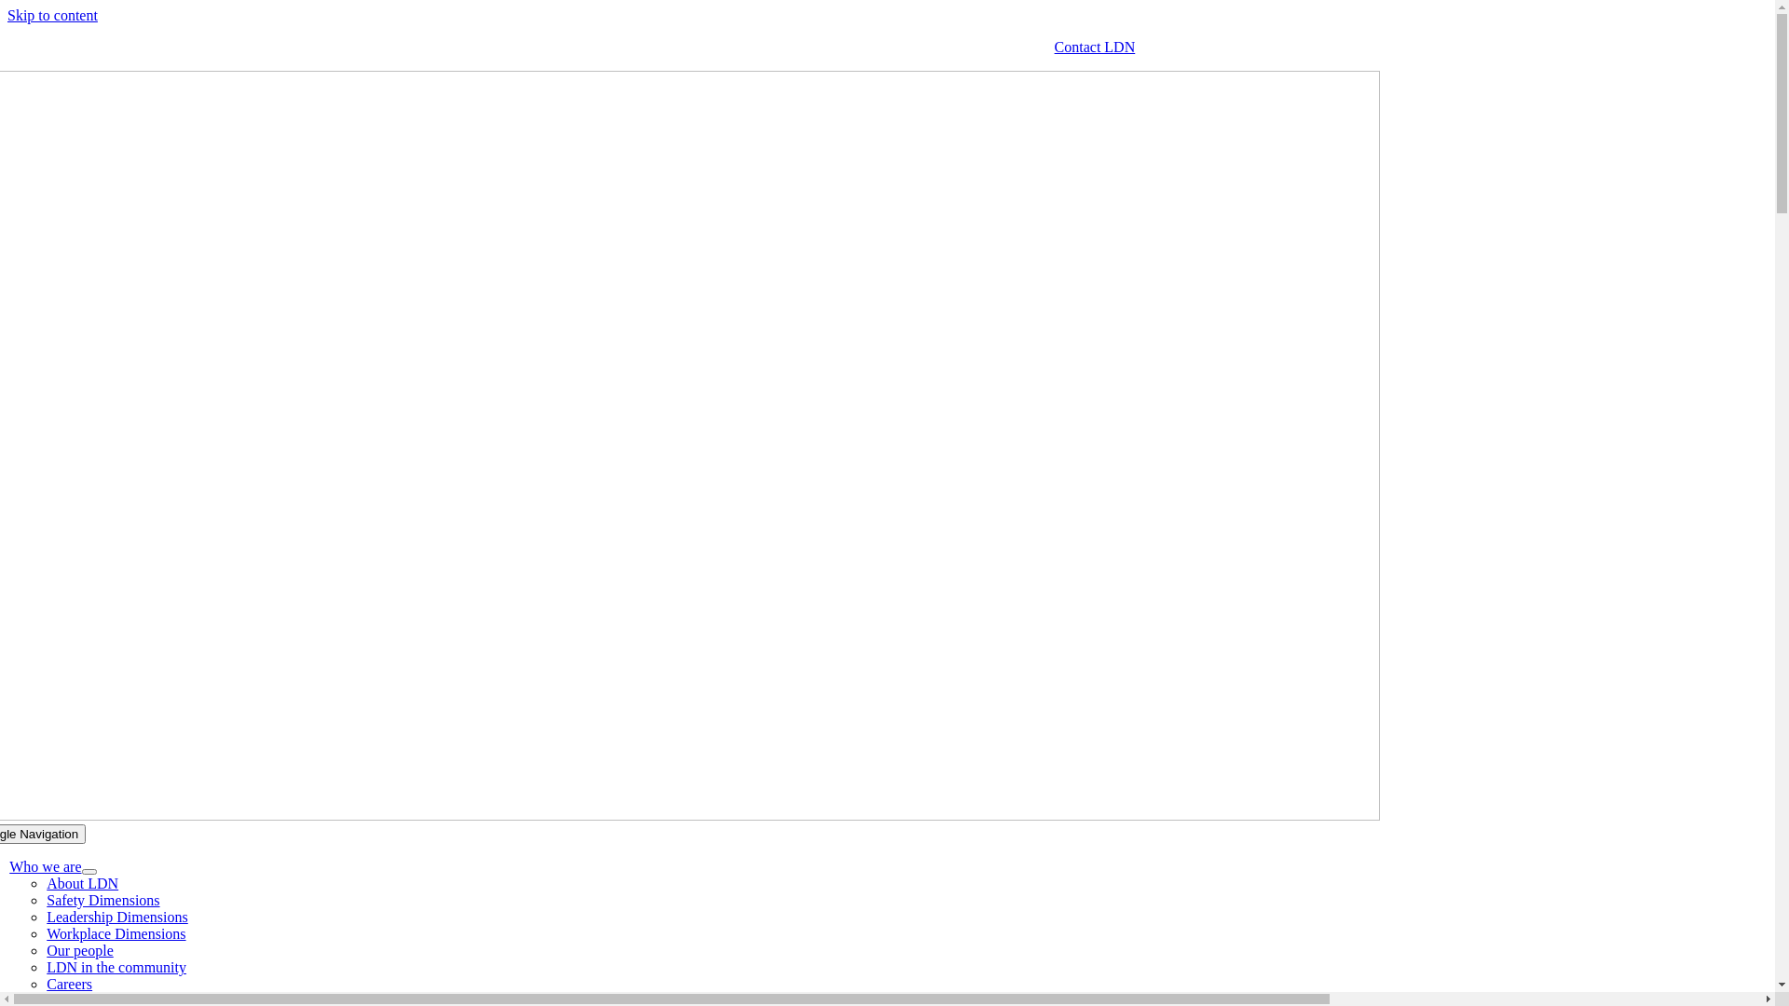 The height and width of the screenshot is (1006, 1789). I want to click on 'LDN in the community', so click(115, 966).